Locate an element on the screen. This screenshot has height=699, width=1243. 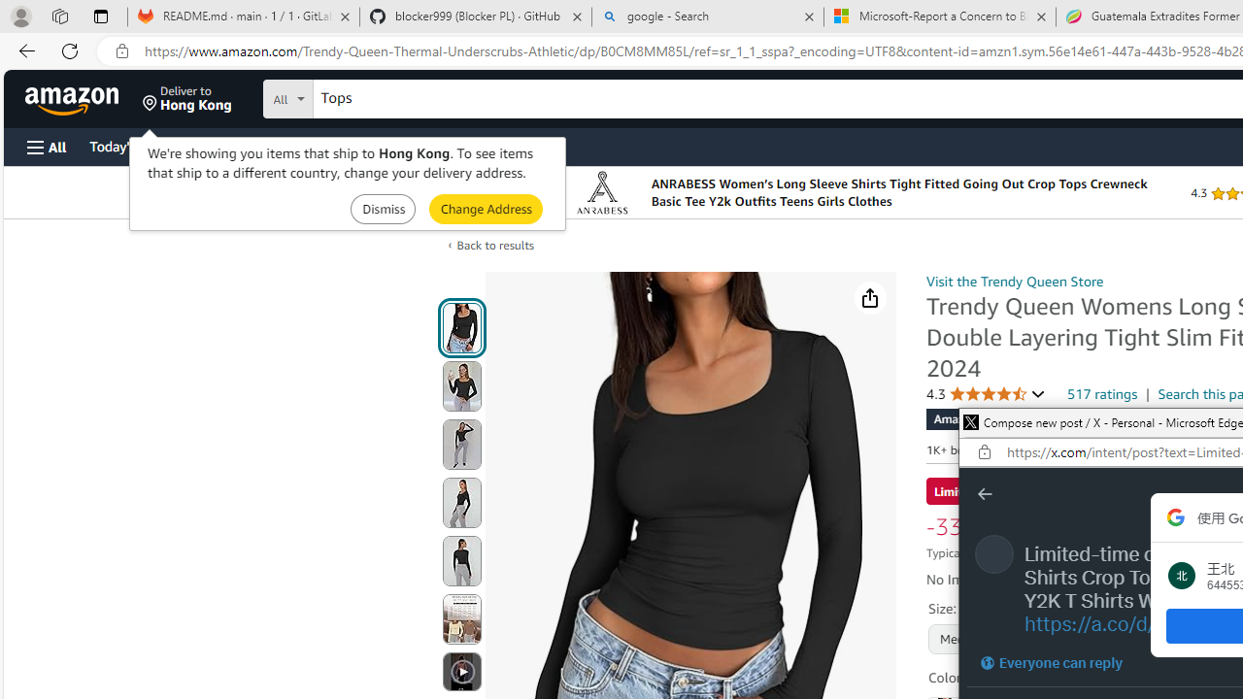
'Deliver to Hong Kong' is located at coordinates (187, 98).